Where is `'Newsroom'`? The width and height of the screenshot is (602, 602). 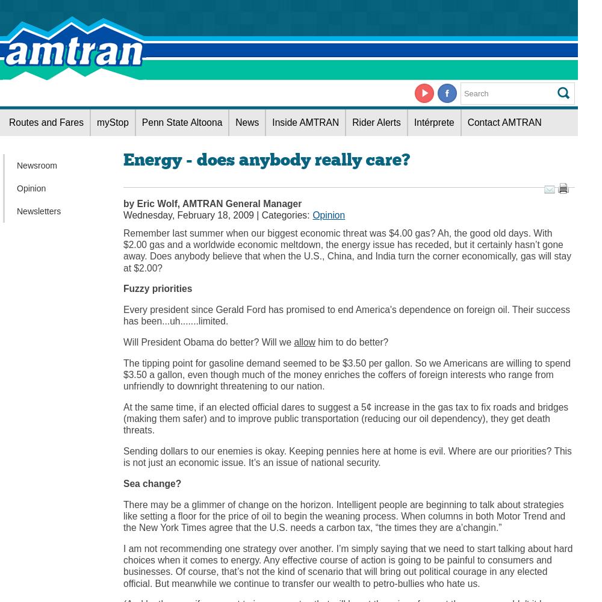
'Newsroom' is located at coordinates (37, 166).